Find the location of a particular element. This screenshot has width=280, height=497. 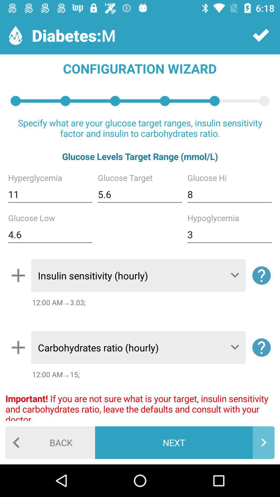

8 is located at coordinates (229, 194).